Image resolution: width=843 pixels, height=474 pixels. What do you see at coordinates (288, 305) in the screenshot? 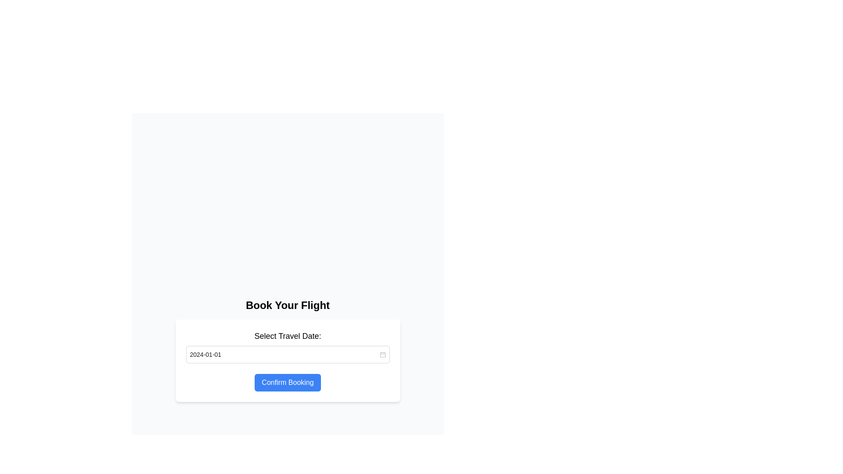
I see `the static text label displaying 'Book Your Flight', which is bold, large, and centered at the top of the form interface` at bounding box center [288, 305].